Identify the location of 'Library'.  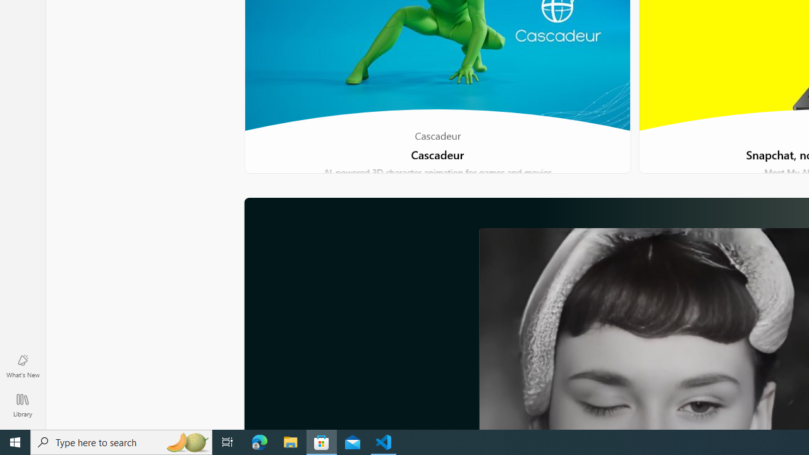
(22, 404).